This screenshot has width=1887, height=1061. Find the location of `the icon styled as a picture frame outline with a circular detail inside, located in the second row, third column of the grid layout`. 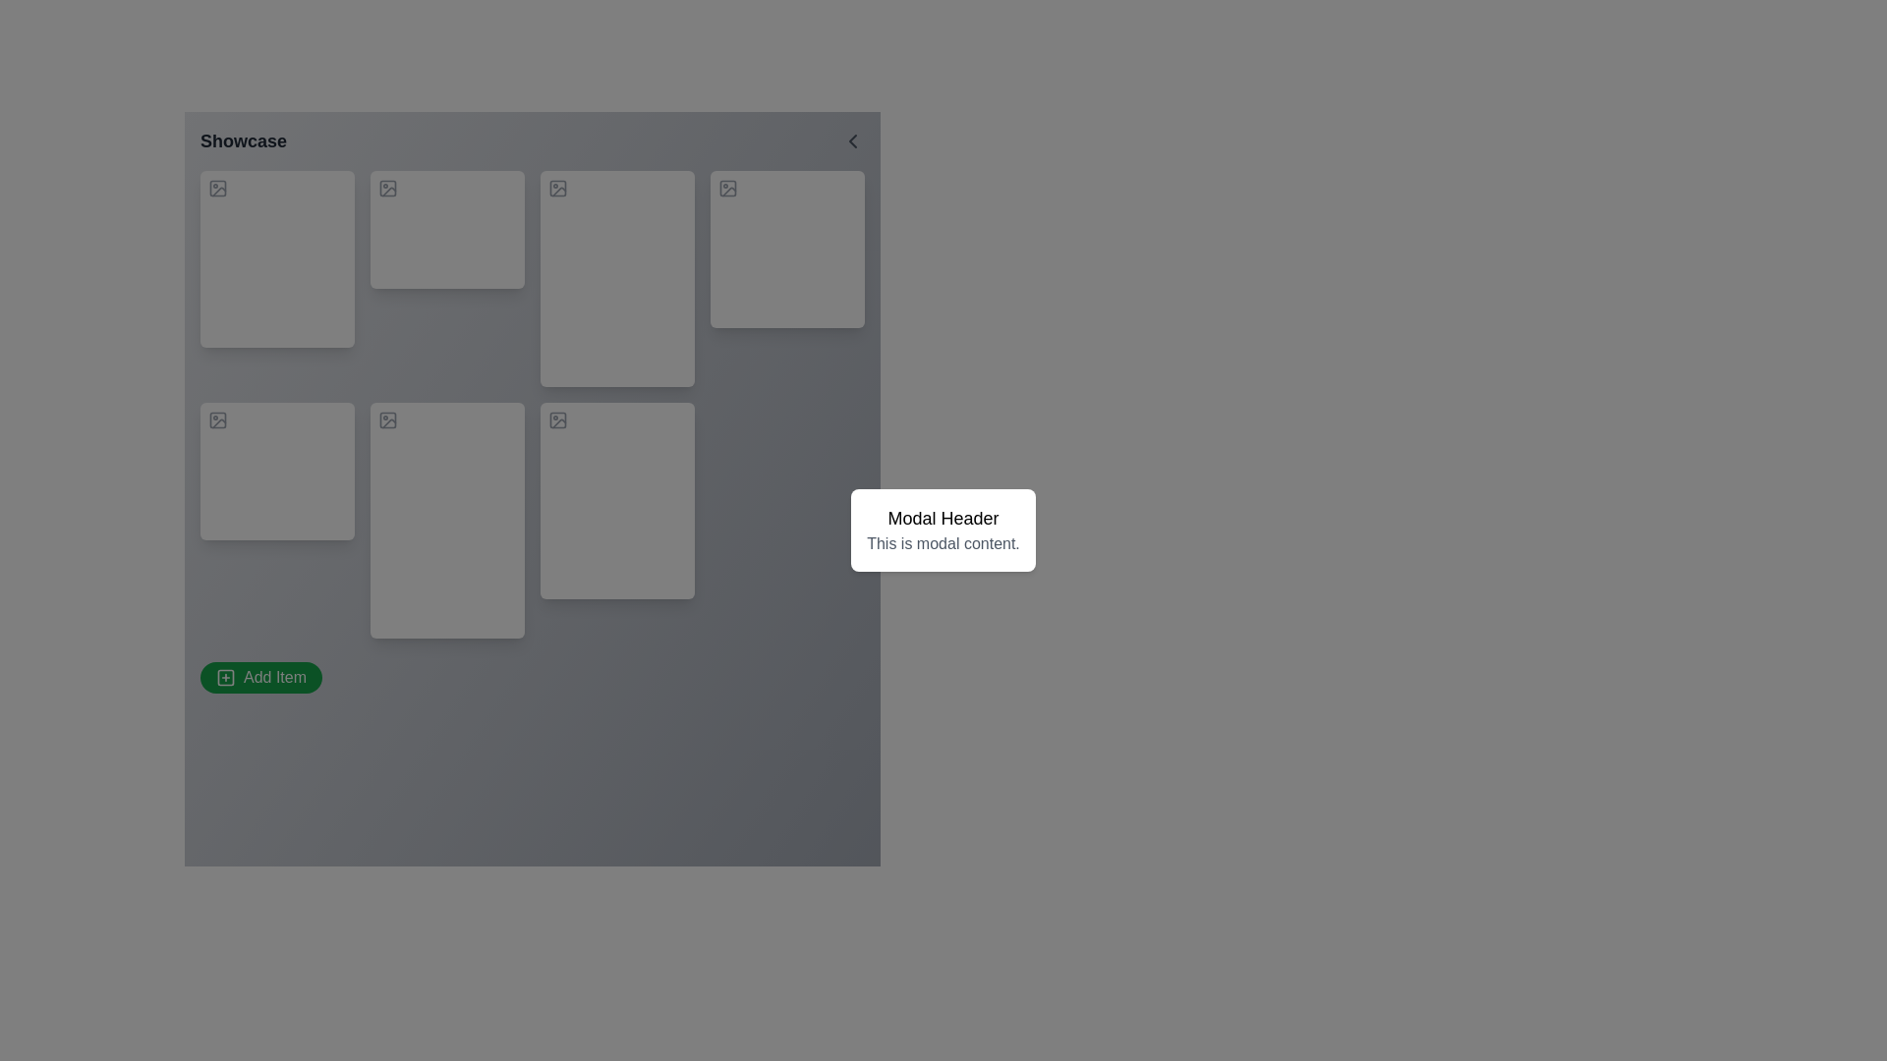

the icon styled as a picture frame outline with a circular detail inside, located in the second row, third column of the grid layout is located at coordinates (556, 419).